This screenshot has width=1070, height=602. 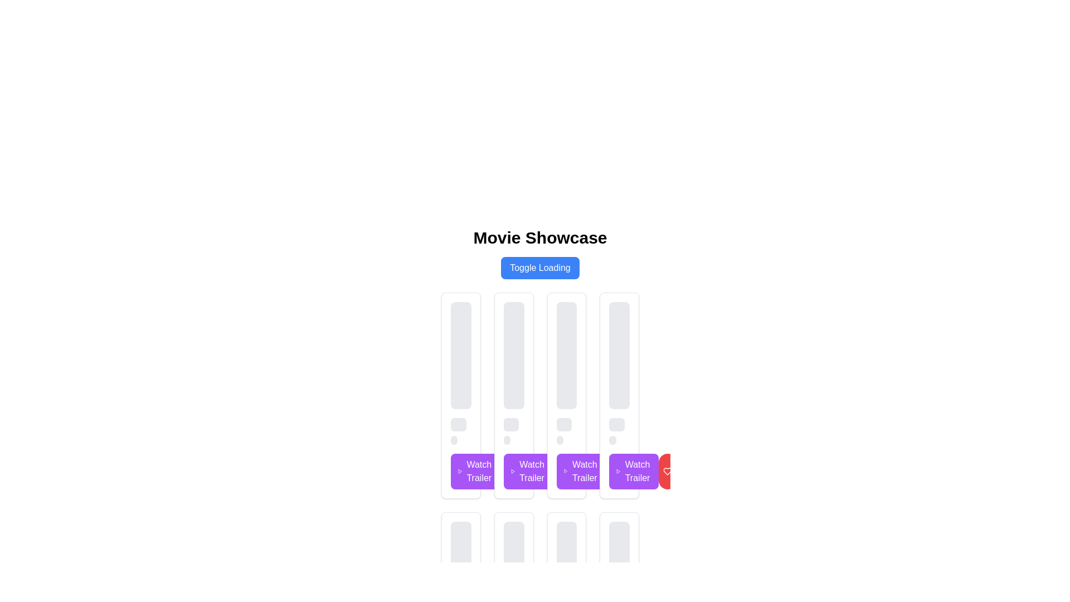 I want to click on the third button from the left in a row of four buttons at the bottom of the main content, so click(x=580, y=471).